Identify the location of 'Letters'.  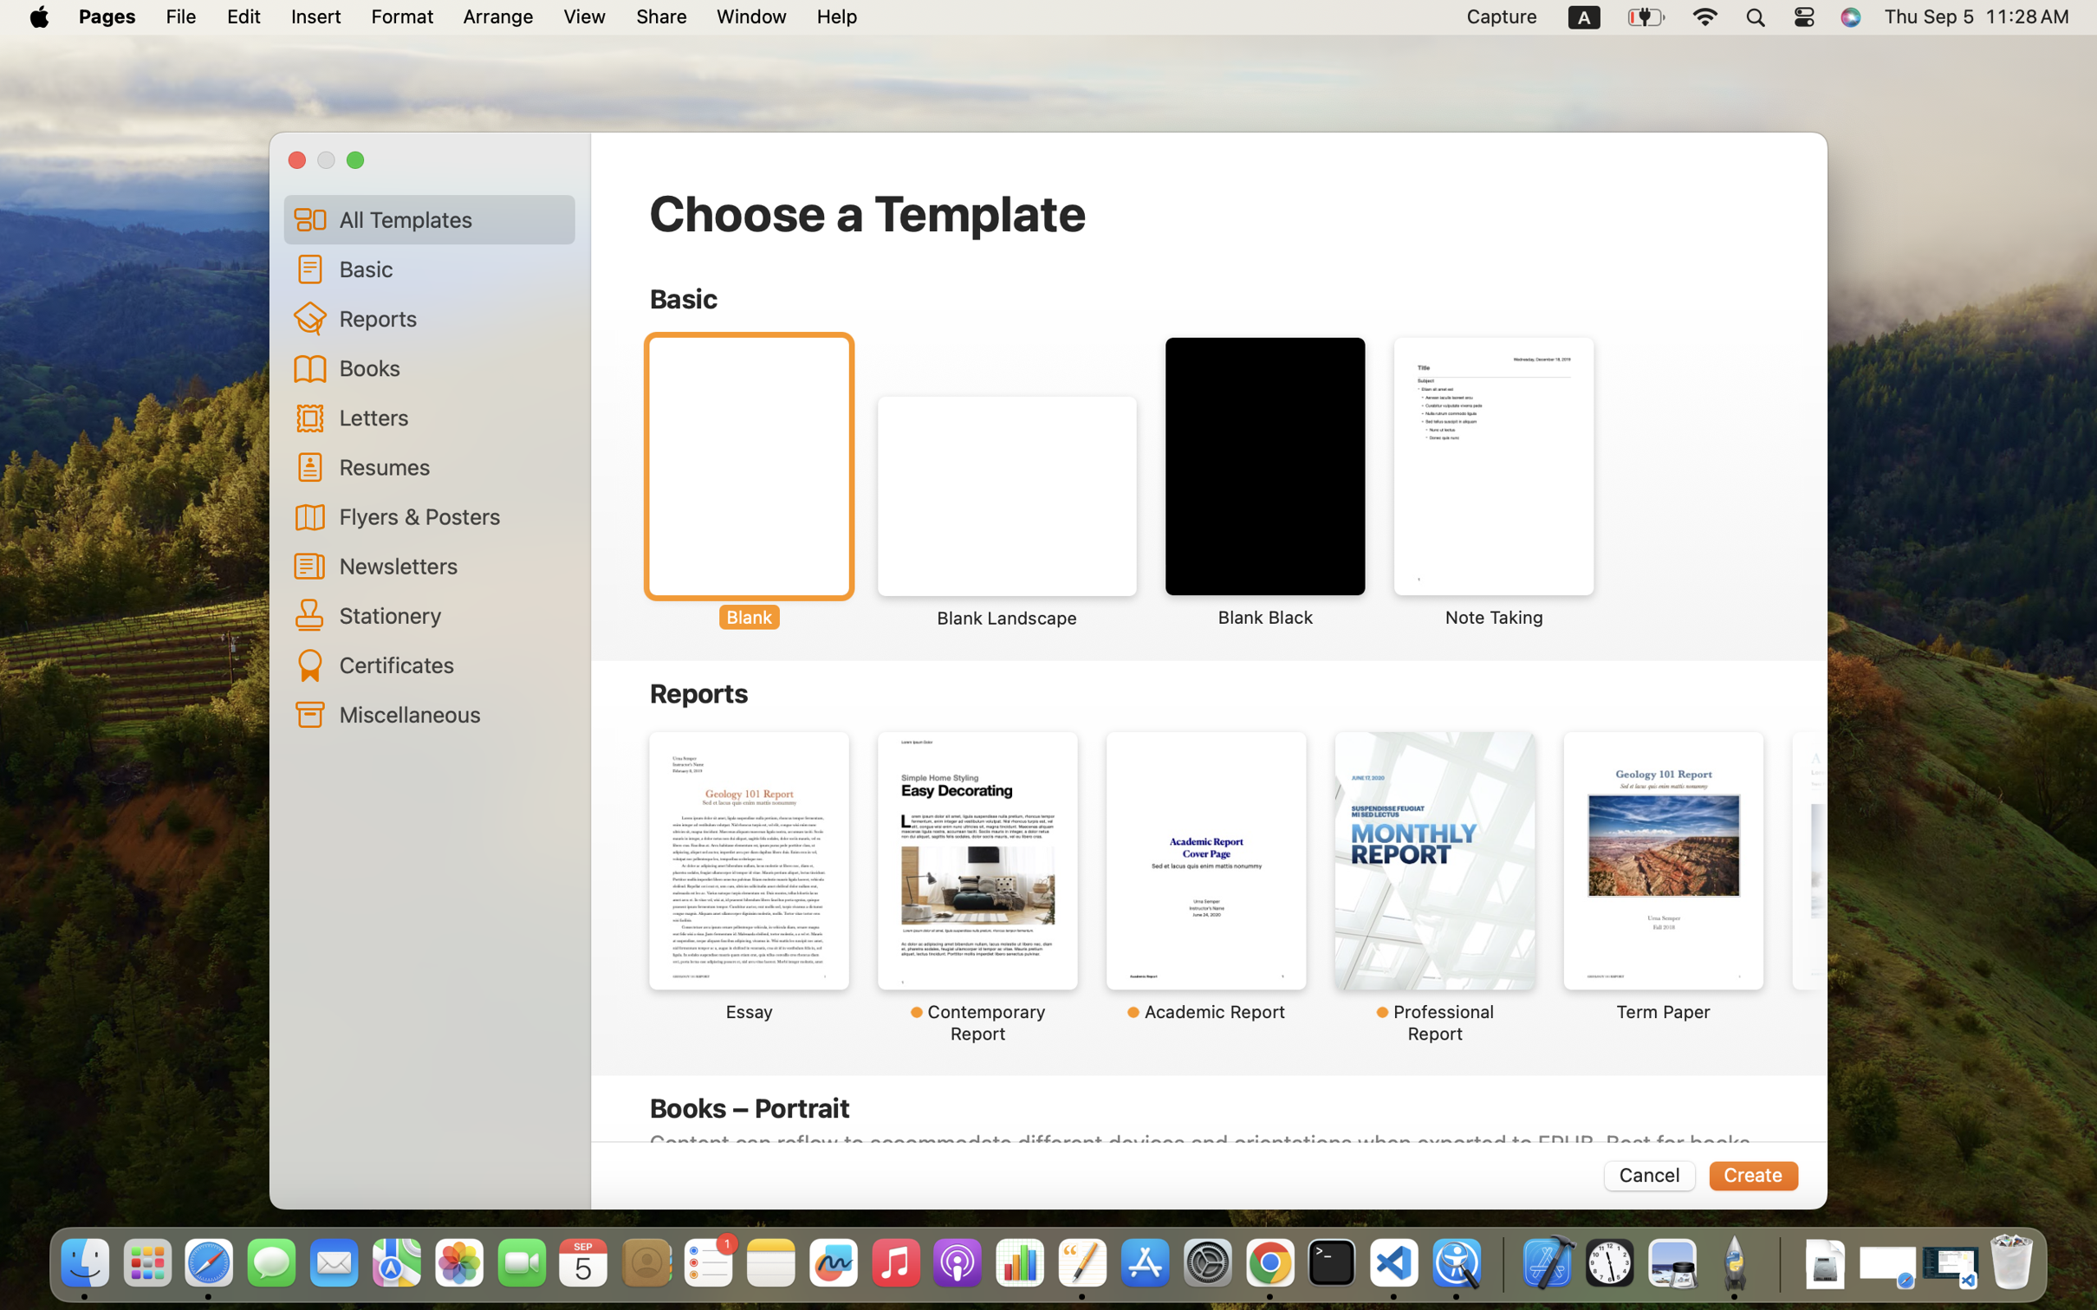
(451, 416).